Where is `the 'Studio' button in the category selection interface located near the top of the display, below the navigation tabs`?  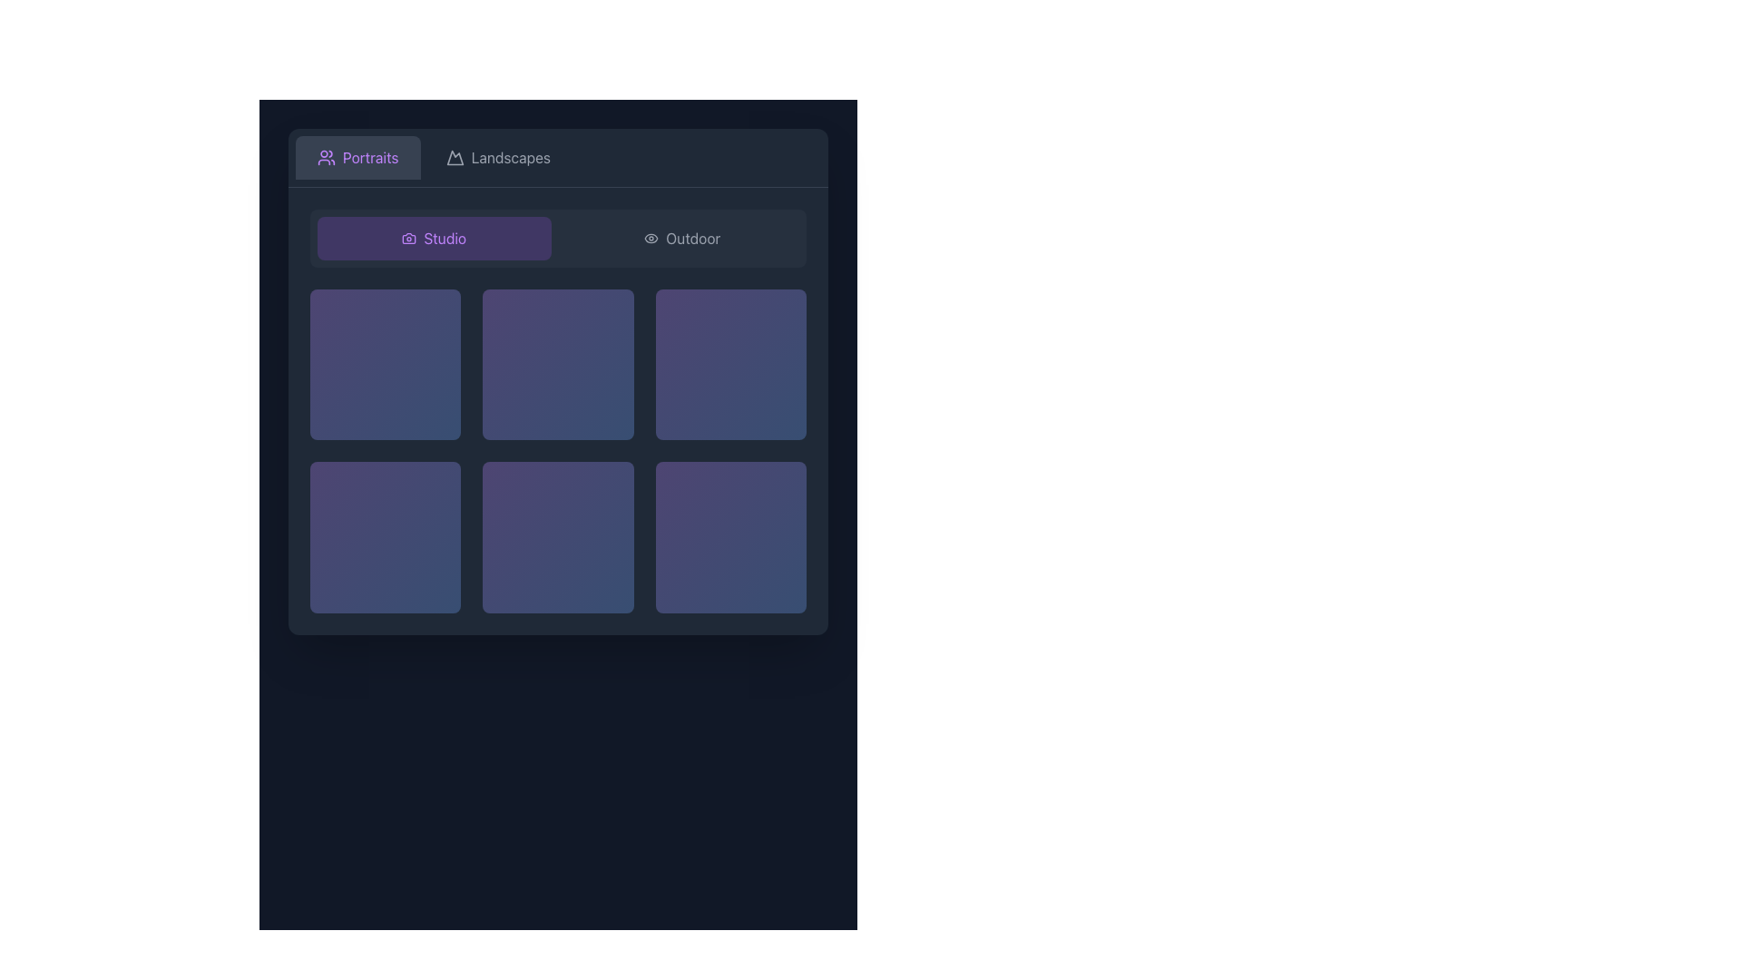
the 'Studio' button in the category selection interface located near the top of the display, below the navigation tabs is located at coordinates (557, 237).